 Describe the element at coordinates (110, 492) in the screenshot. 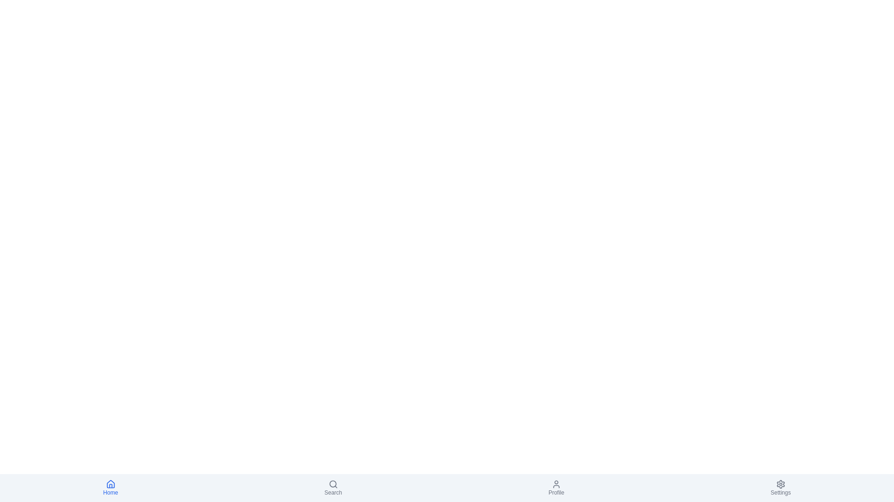

I see `the 'Home' text label located at the bottom of the button-like group in the bottom navigation bar, which provides identification for the related navigational item` at that location.